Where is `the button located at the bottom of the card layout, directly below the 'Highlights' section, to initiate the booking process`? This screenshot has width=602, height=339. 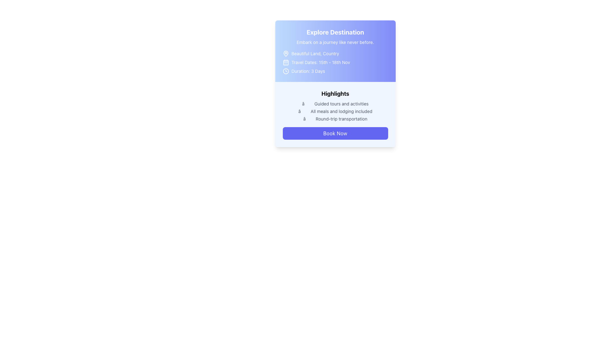
the button located at the bottom of the card layout, directly below the 'Highlights' section, to initiate the booking process is located at coordinates (335, 133).